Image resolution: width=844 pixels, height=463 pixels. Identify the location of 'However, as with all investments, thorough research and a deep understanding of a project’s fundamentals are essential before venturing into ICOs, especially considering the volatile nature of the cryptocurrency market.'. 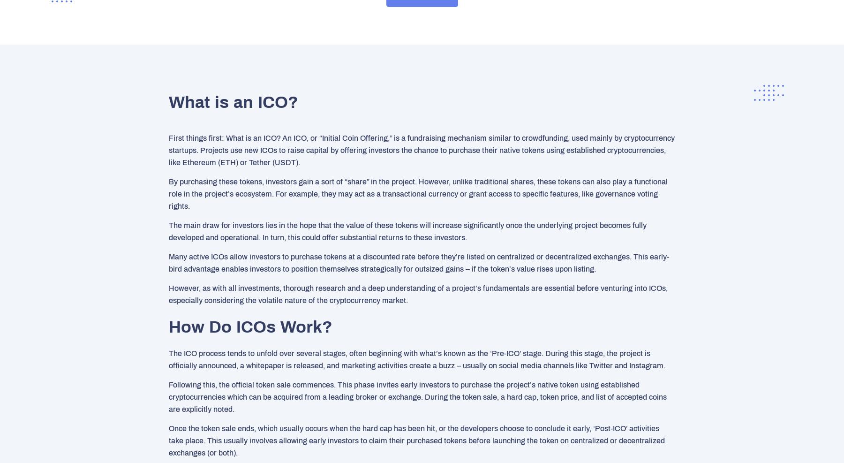
(418, 293).